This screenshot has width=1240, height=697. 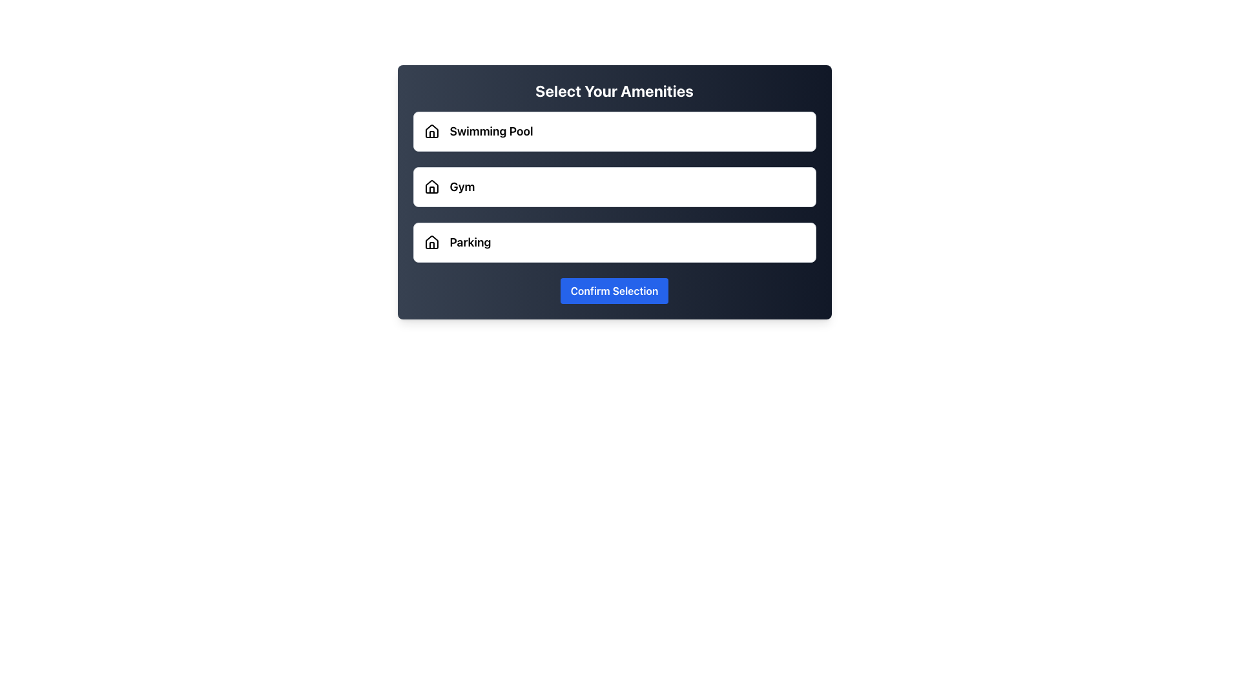 I want to click on the 'Parking' SVG icon, which is the leftmost icon in the third row of options, so click(x=431, y=242).